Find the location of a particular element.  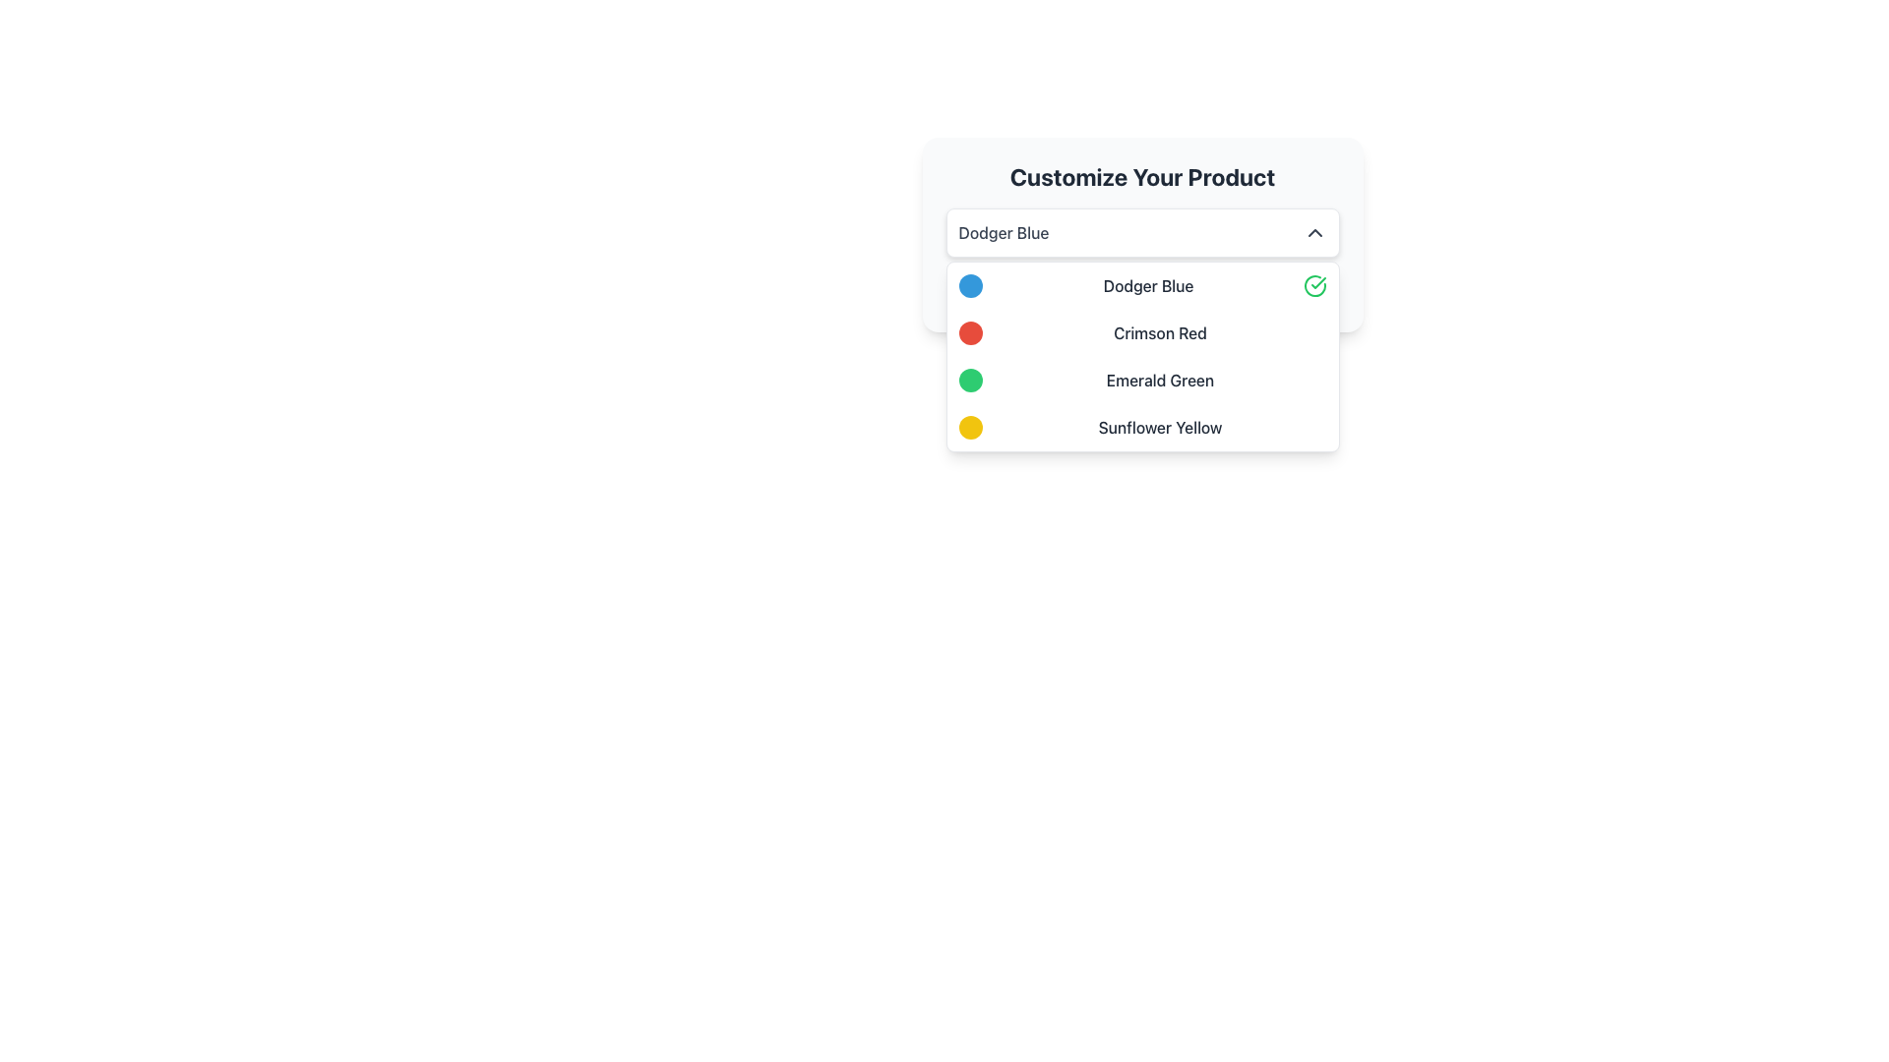

to select the 'Sunflower Yellow' option from the dropdown menu, which features a circular yellow icon on the left and the text 'Sunflower Yellow' on the right is located at coordinates (1142, 427).